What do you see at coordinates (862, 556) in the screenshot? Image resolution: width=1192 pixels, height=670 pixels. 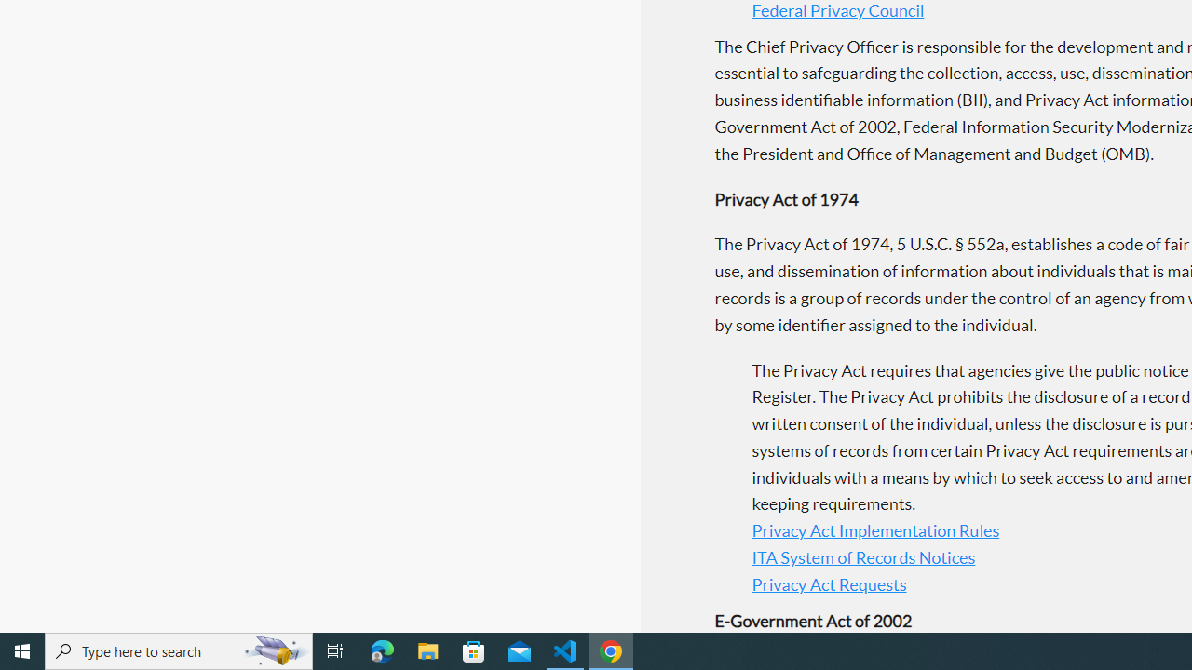 I see `'ITA System of Records Notices'` at bounding box center [862, 556].